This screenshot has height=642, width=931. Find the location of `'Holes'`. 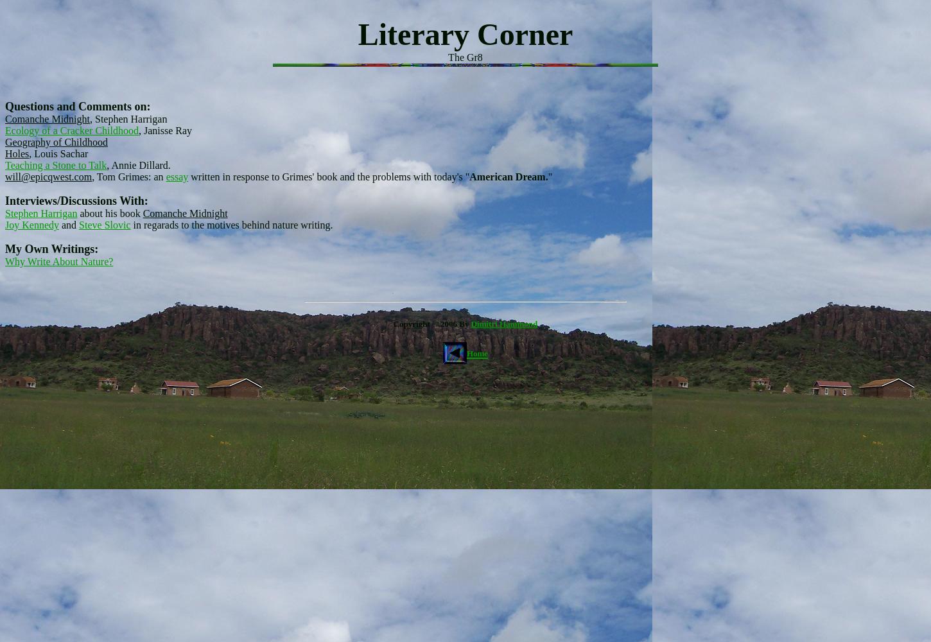

'Holes' is located at coordinates (17, 153).